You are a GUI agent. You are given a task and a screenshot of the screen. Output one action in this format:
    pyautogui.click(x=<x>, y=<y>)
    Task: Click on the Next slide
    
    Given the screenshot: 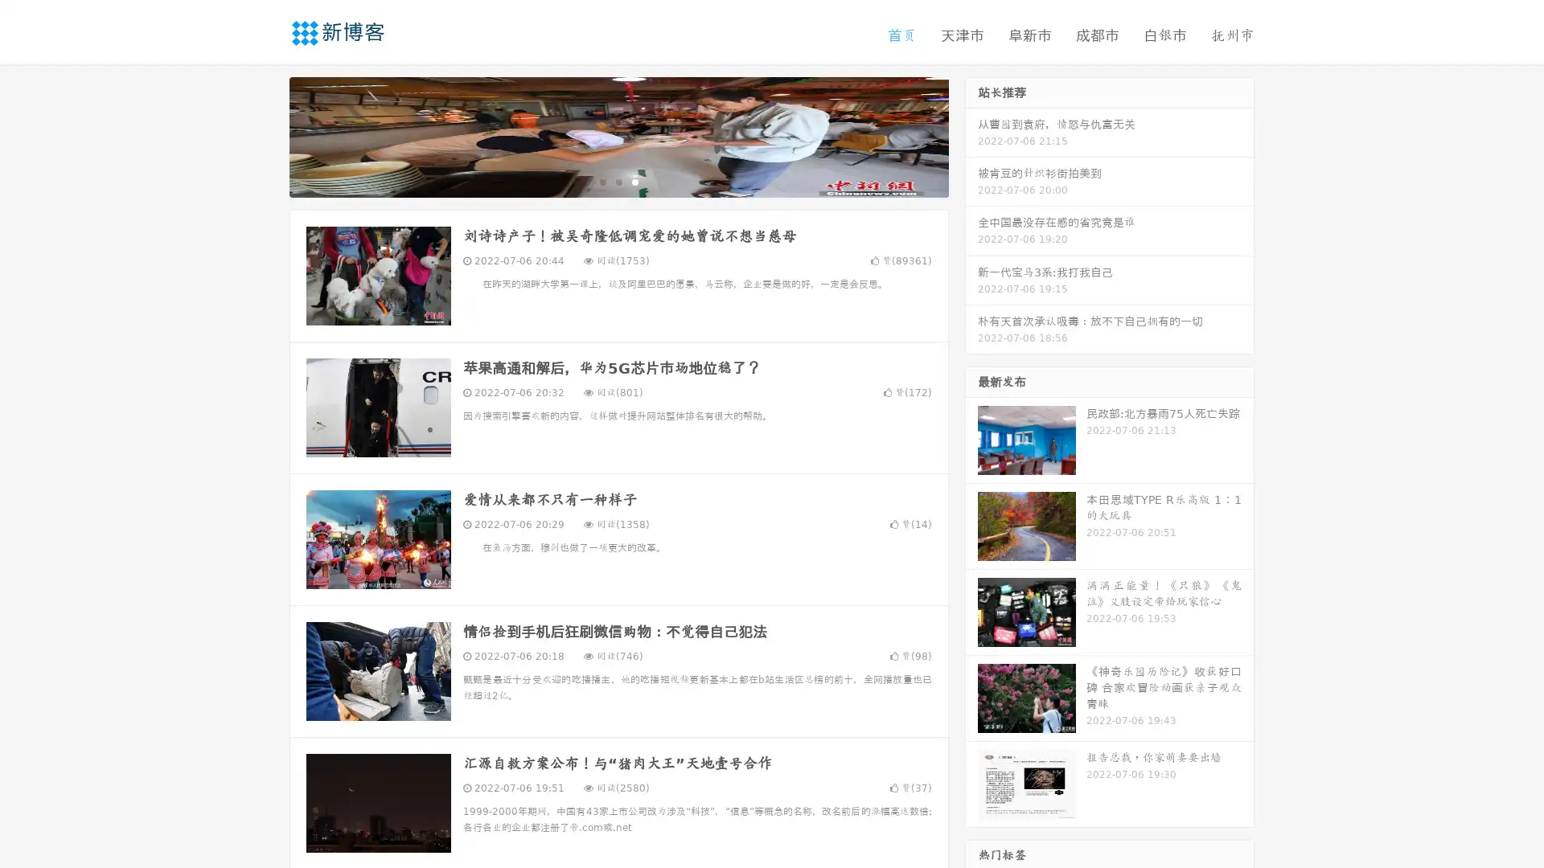 What is the action you would take?
    pyautogui.click(x=971, y=135)
    